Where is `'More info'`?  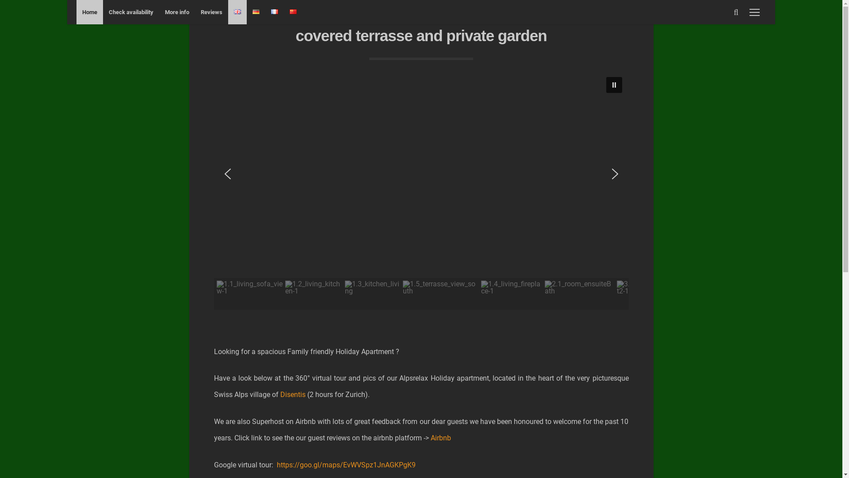 'More info' is located at coordinates (159, 12).